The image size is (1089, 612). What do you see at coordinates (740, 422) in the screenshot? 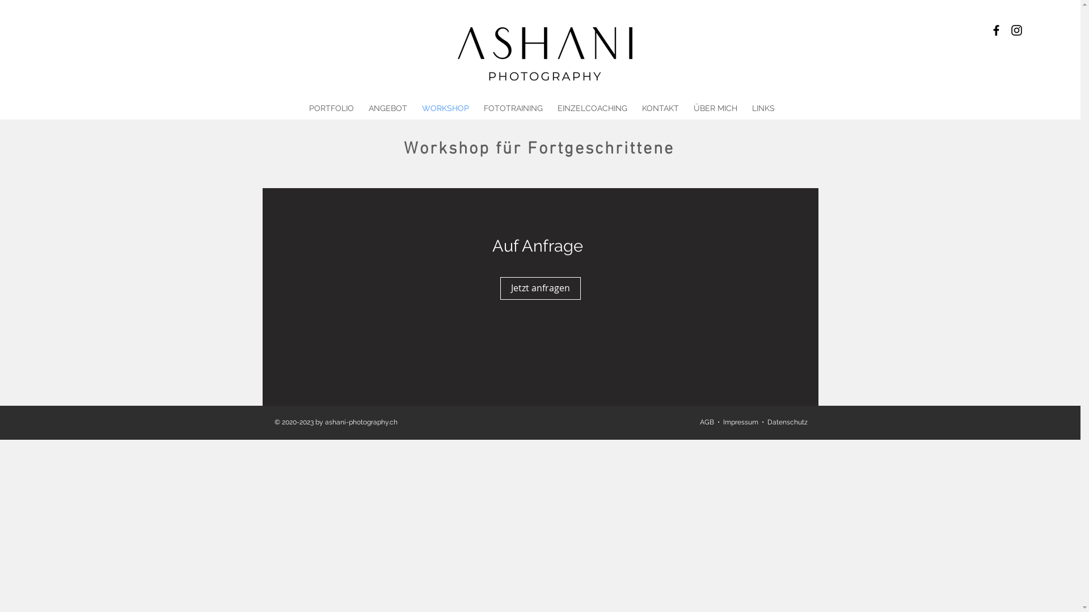
I see `'Impressum'` at bounding box center [740, 422].